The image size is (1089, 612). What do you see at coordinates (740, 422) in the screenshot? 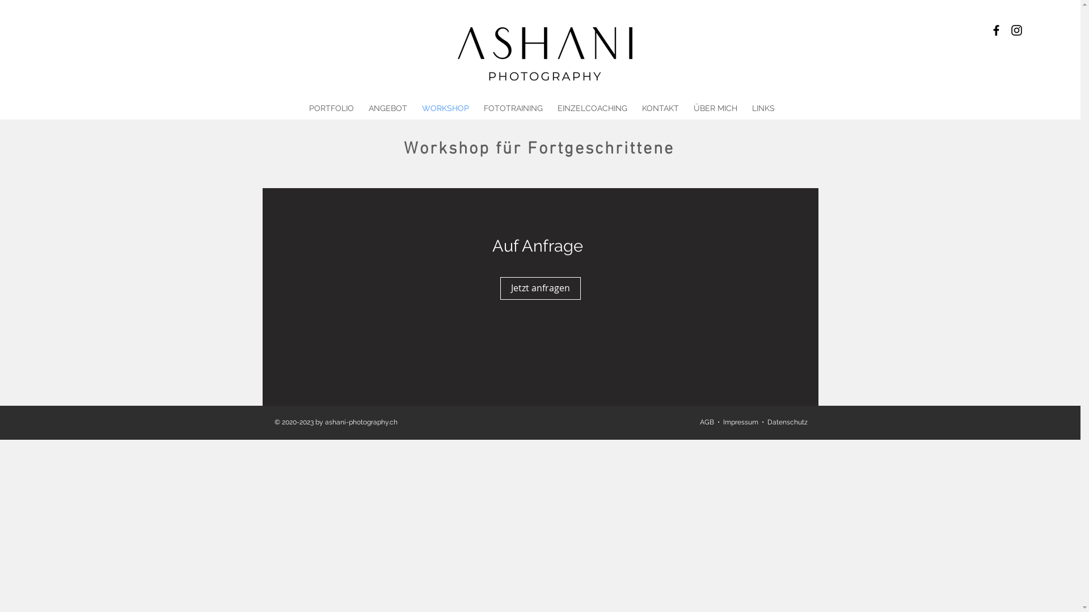
I see `'Impressum'` at bounding box center [740, 422].